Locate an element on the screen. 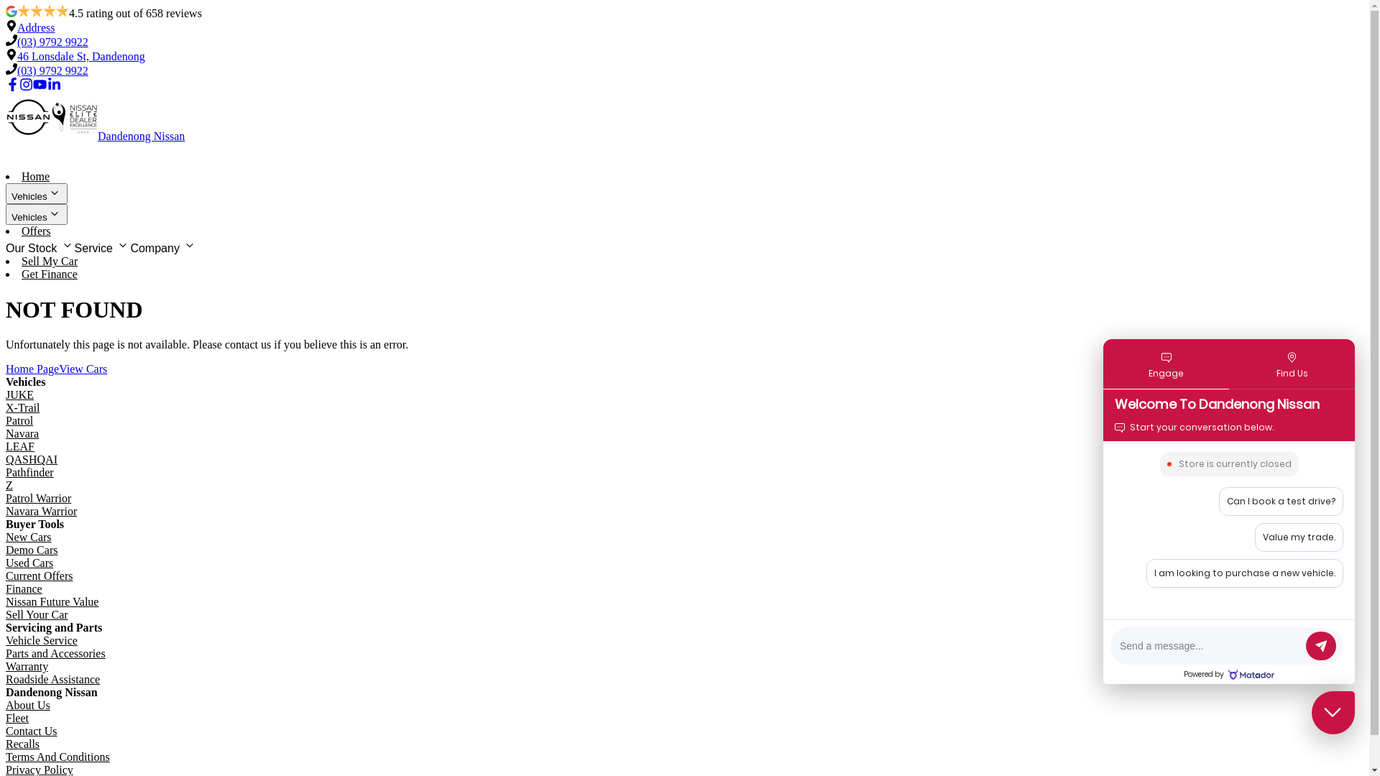  'Vehicles' is located at coordinates (37, 214).